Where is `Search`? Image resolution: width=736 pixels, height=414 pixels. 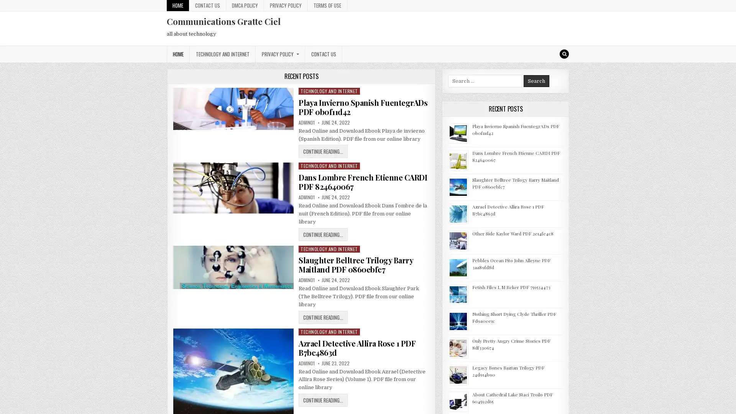 Search is located at coordinates (536, 81).